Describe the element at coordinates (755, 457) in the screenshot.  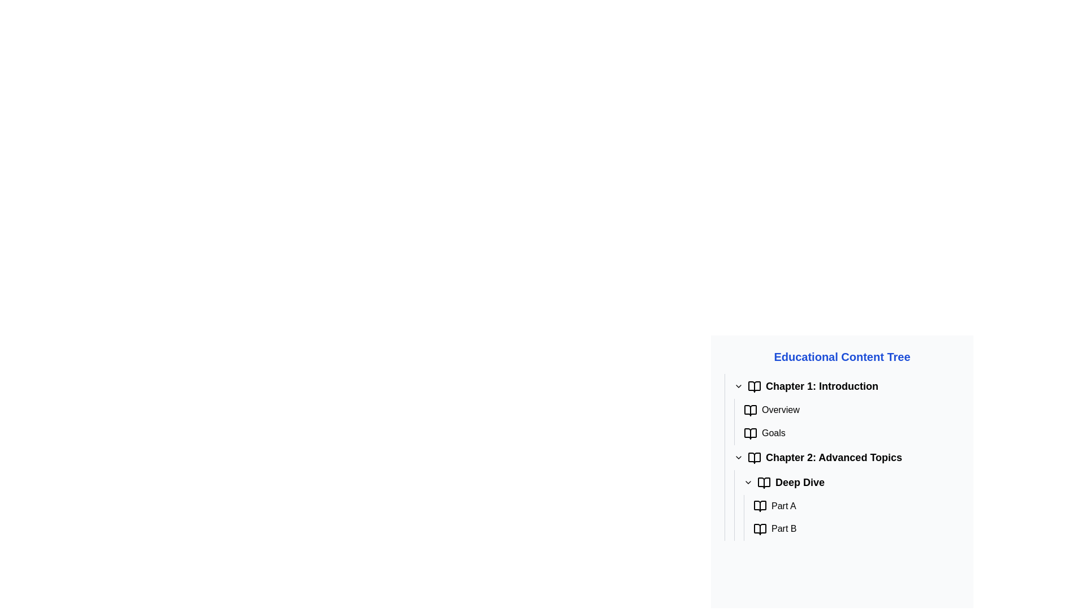
I see `the open book icon located in the title area of 'Chapter 2: Advanced Topics', which is aligned to the left of the chapter title text` at that location.